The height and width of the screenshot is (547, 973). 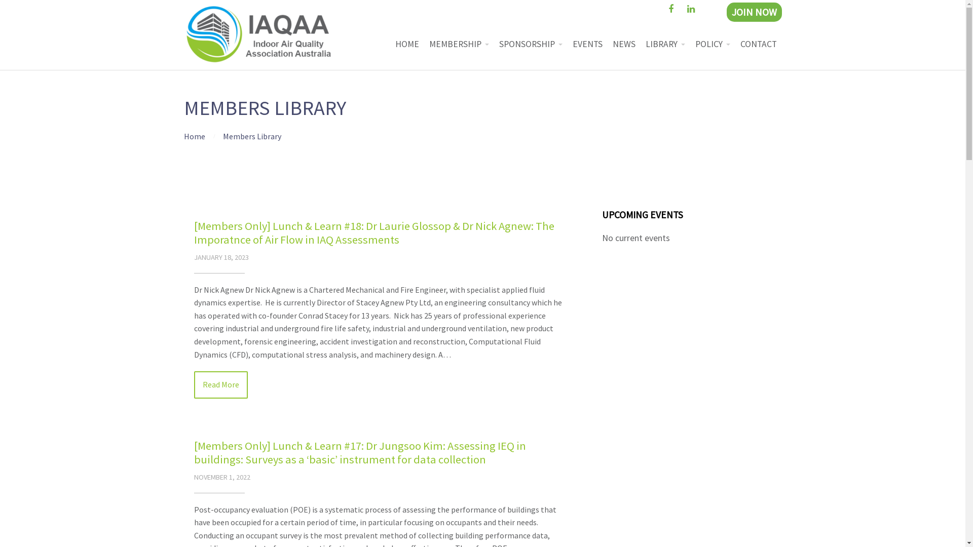 What do you see at coordinates (194, 384) in the screenshot?
I see `'Read More'` at bounding box center [194, 384].